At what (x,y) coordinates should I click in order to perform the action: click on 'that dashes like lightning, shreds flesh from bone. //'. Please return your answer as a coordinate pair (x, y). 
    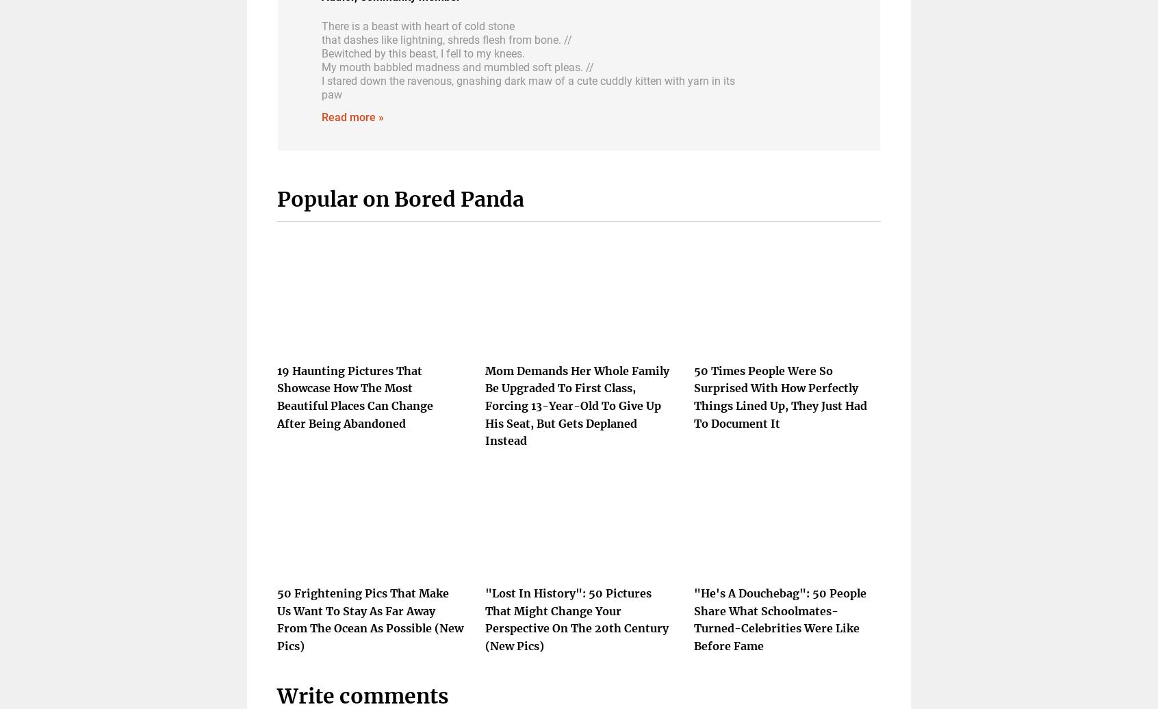
    Looking at the image, I should click on (321, 38).